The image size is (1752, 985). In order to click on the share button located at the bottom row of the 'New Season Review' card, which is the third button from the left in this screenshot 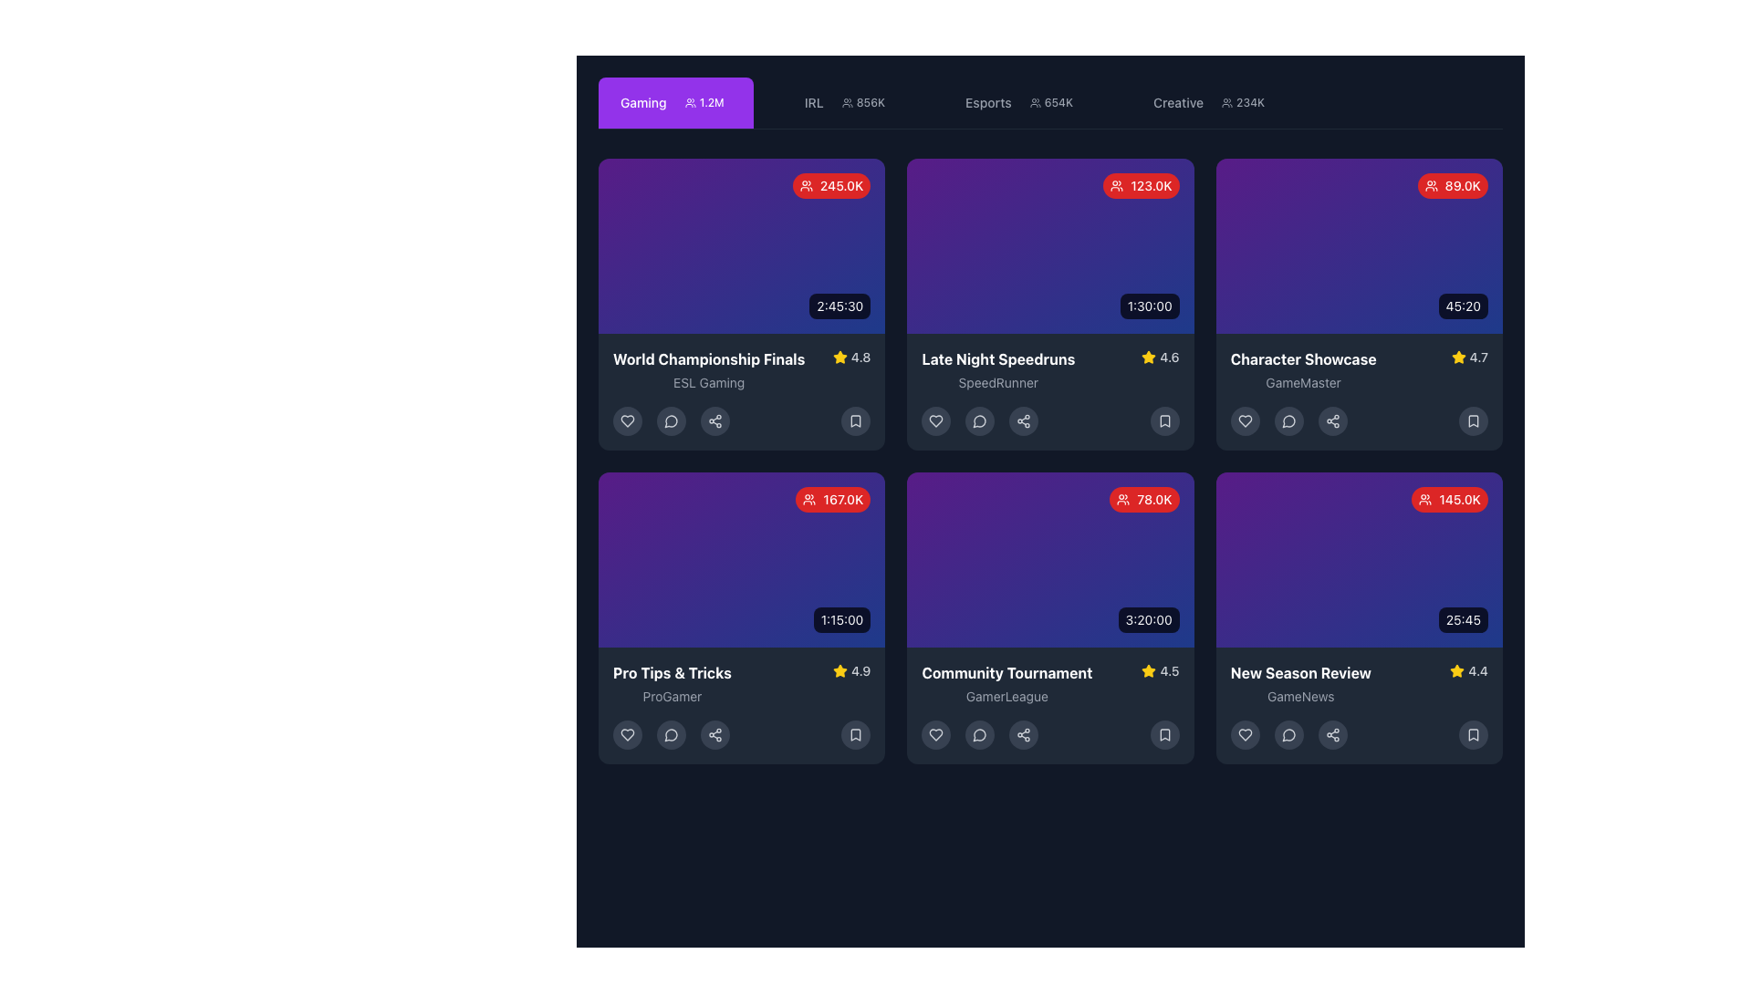, I will do `click(1332, 734)`.